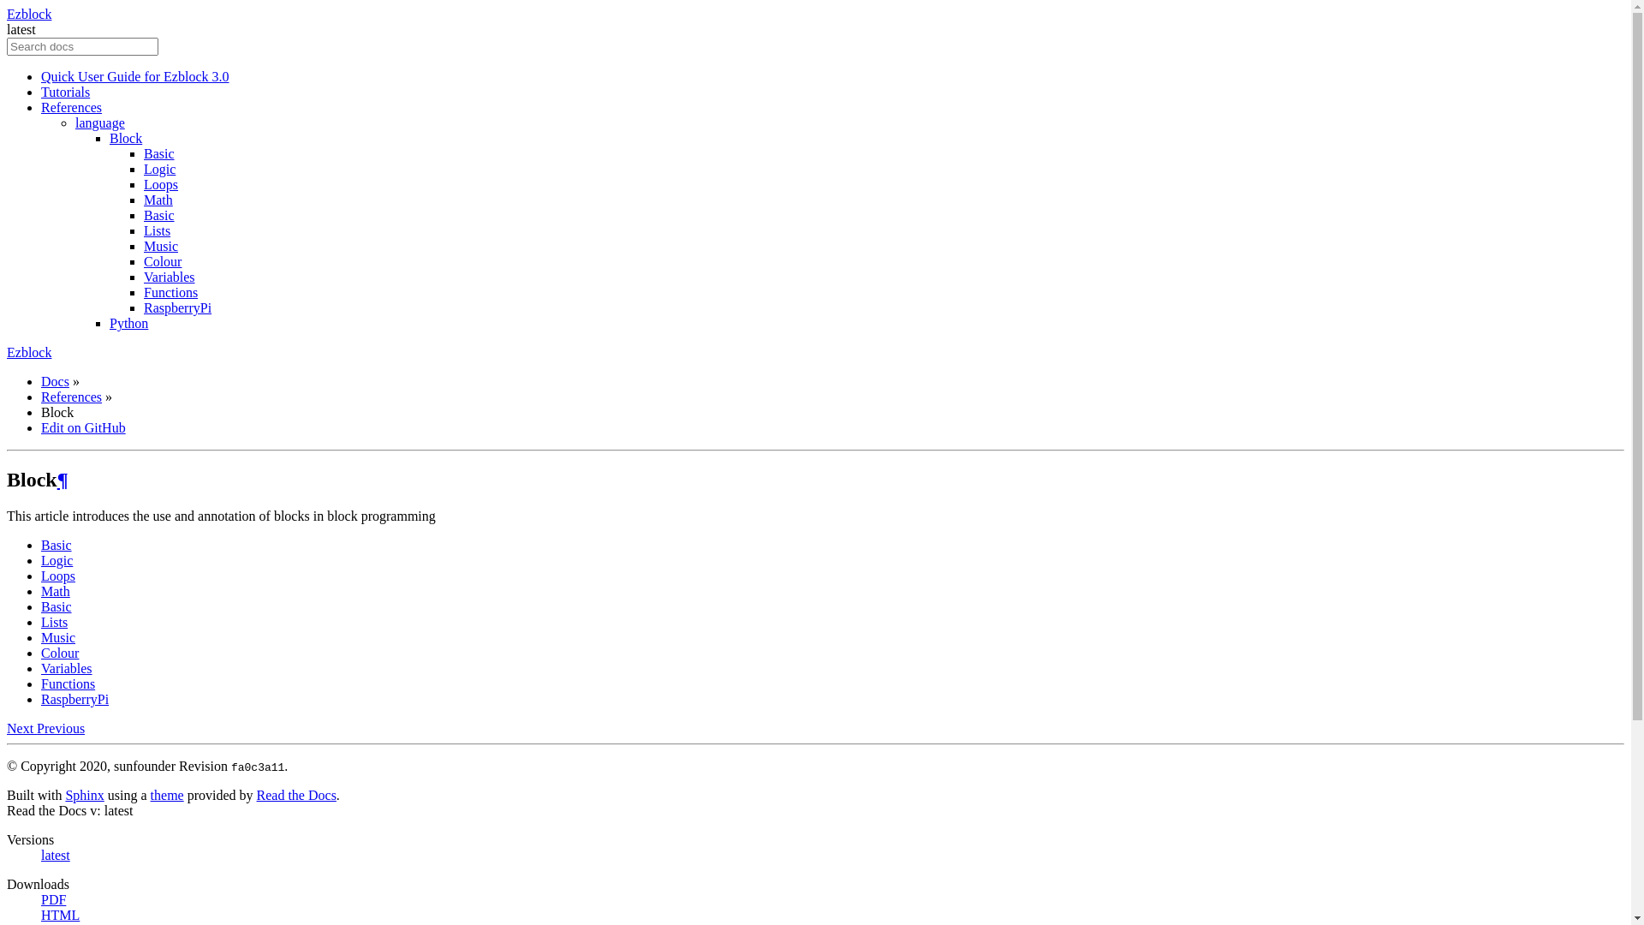 This screenshot has height=925, width=1644. I want to click on 'Math', so click(41, 590).